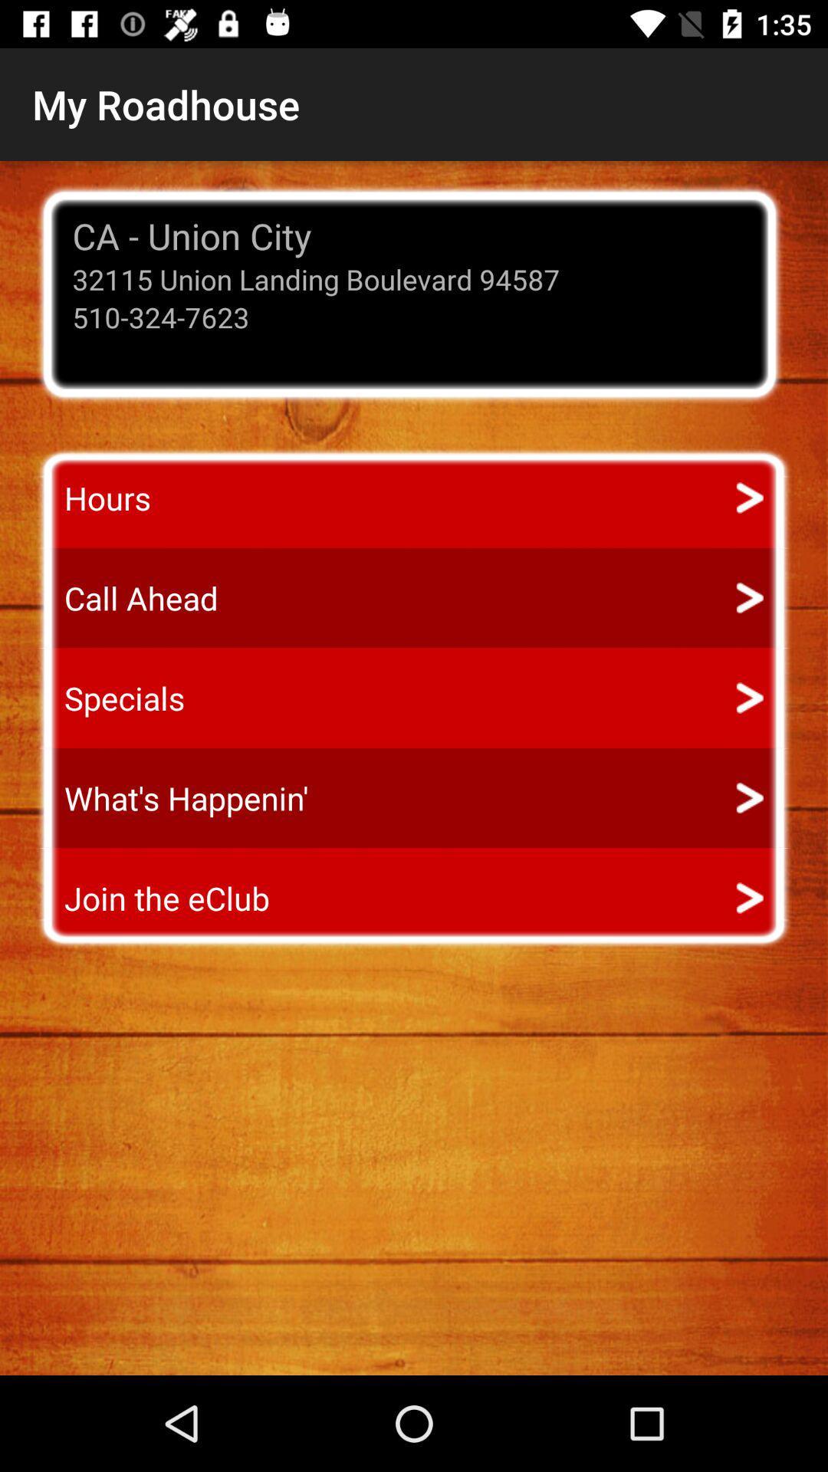 Image resolution: width=828 pixels, height=1472 pixels. I want to click on app above the call ahead item, so click(94, 498).